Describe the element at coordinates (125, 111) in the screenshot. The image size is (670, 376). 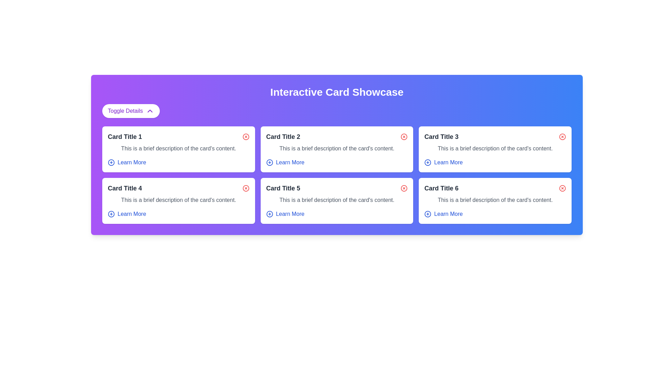
I see `the text label located on the left side of the header button, which indicates the purpose of the associated button for toggling additional information` at that location.